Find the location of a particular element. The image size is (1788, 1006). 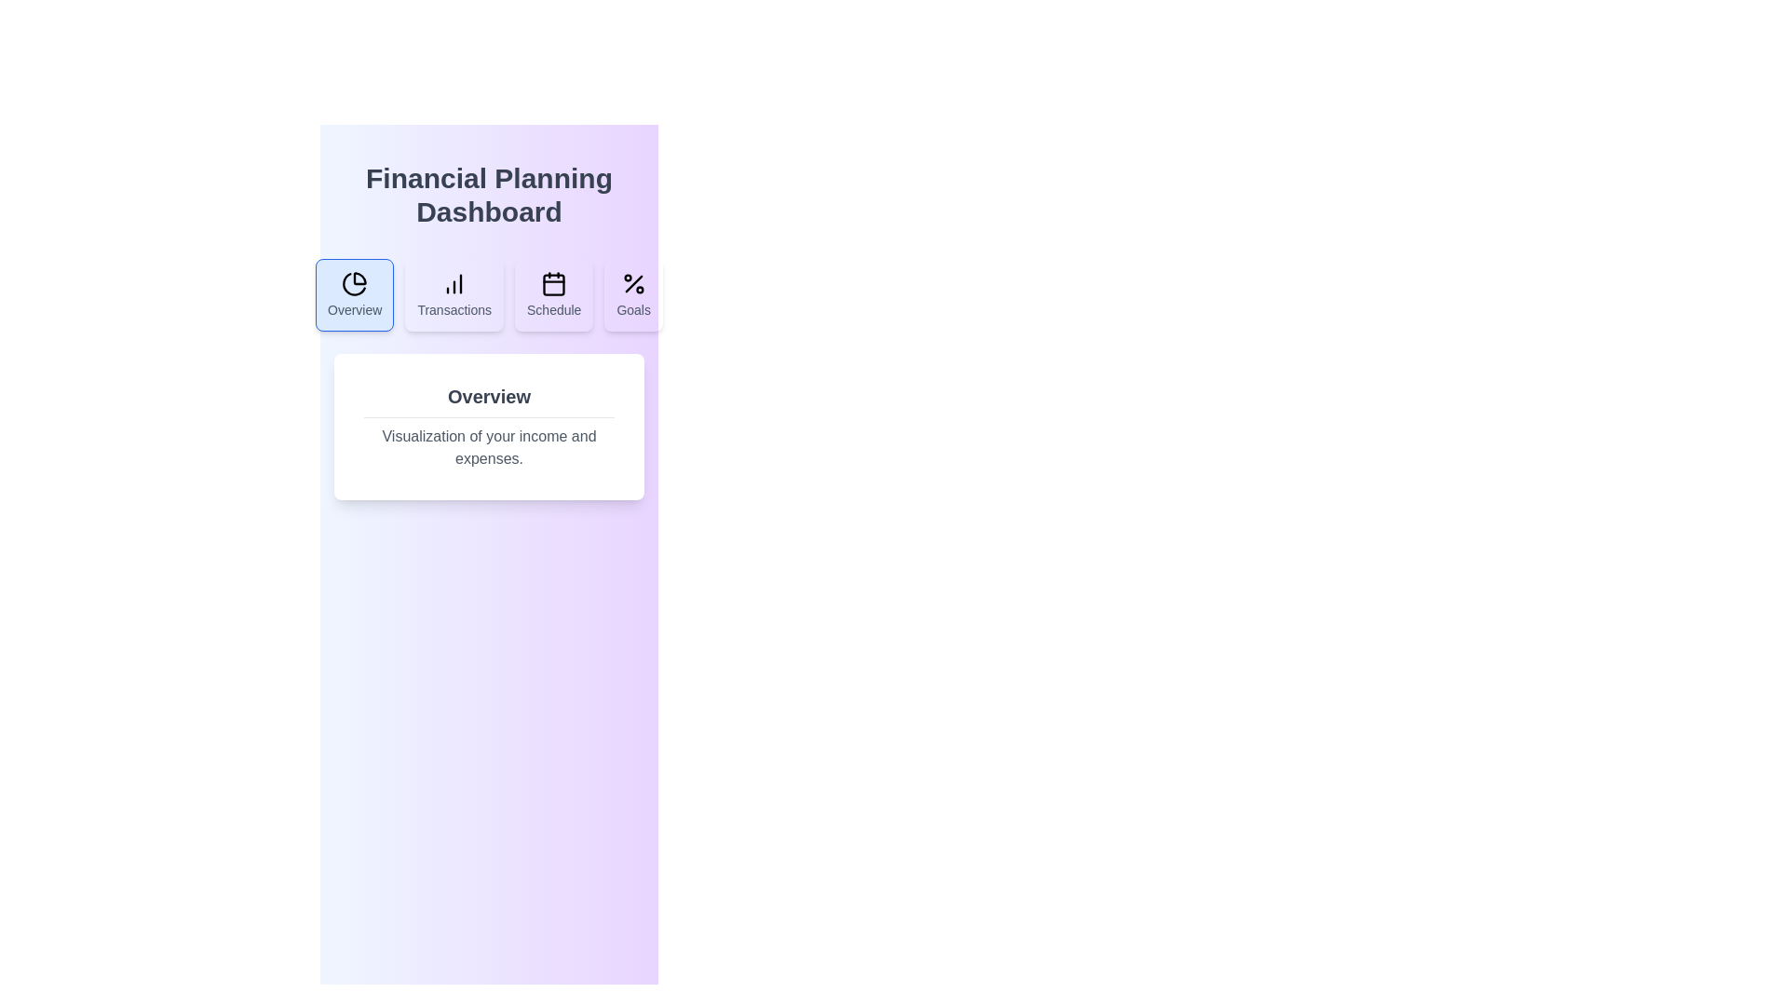

the decorative diagonal line within the percent icon located in the top navigation bar of the Financial Planning Dashboard, adjacent to the 'Goals' label is located at coordinates (633, 283).